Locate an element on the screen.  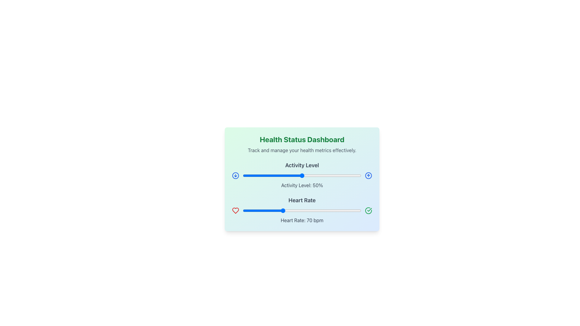
the activity level is located at coordinates (252, 176).